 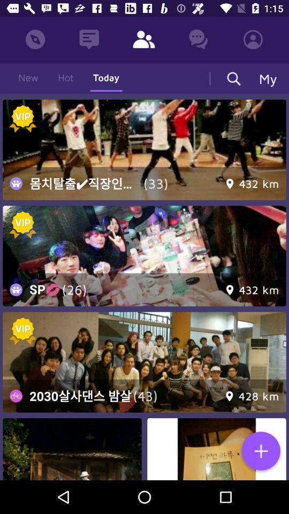 I want to click on image add button, so click(x=260, y=451).